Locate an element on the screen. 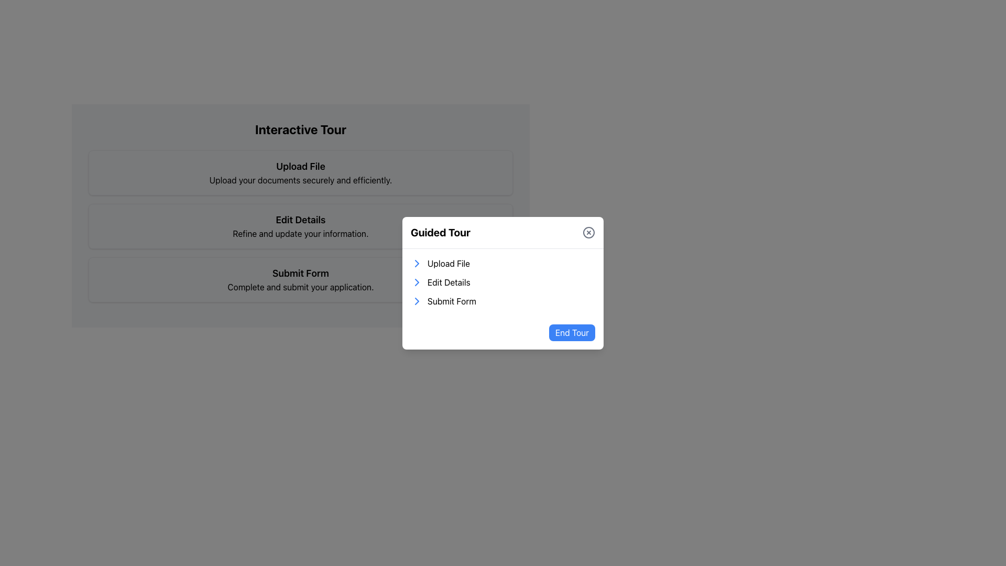  the informative text label that guides users in the 'Guided Tour' box, specifically the second option which follows 'Upload File' and precedes 'Submit Form' is located at coordinates (449, 281).